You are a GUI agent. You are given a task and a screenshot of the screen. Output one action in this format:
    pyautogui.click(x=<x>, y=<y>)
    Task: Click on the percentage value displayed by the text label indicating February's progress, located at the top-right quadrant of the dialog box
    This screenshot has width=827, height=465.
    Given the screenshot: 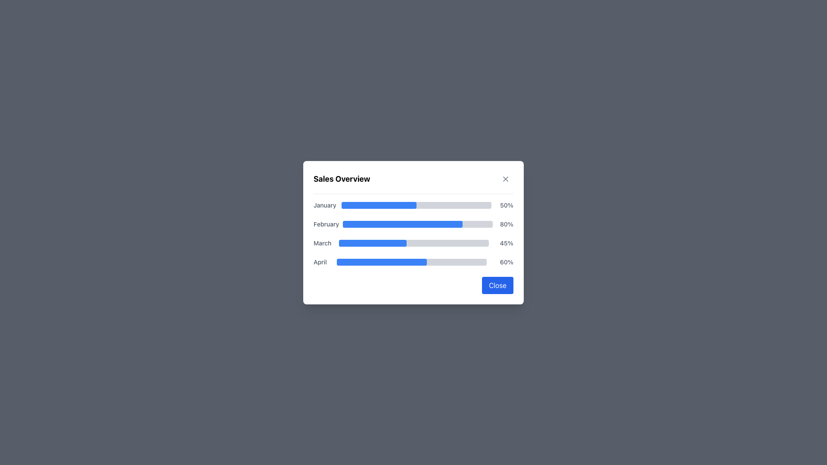 What is the action you would take?
    pyautogui.click(x=505, y=223)
    